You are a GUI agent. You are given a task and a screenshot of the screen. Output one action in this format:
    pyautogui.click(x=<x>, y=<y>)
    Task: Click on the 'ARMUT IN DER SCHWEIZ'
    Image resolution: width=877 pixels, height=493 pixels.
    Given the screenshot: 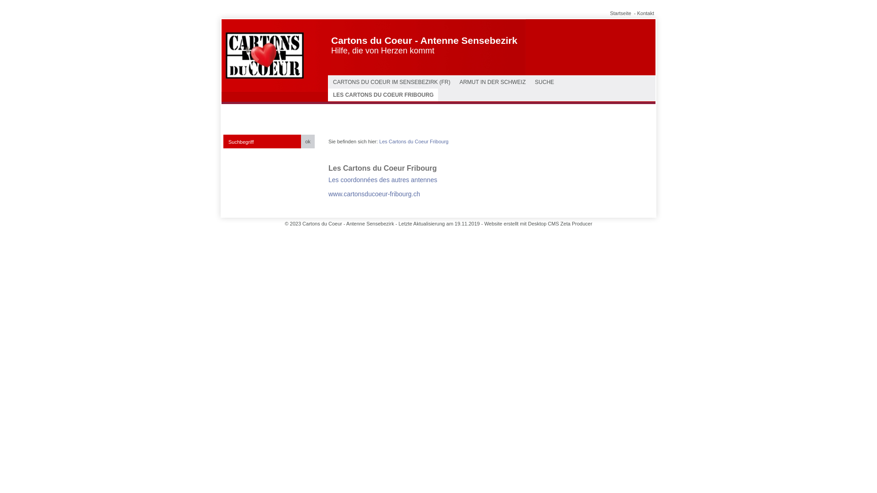 What is the action you would take?
    pyautogui.click(x=492, y=82)
    